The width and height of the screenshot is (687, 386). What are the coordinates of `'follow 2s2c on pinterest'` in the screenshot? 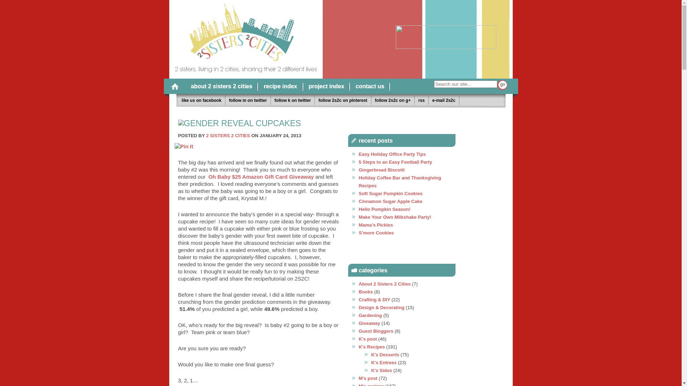 It's located at (343, 100).